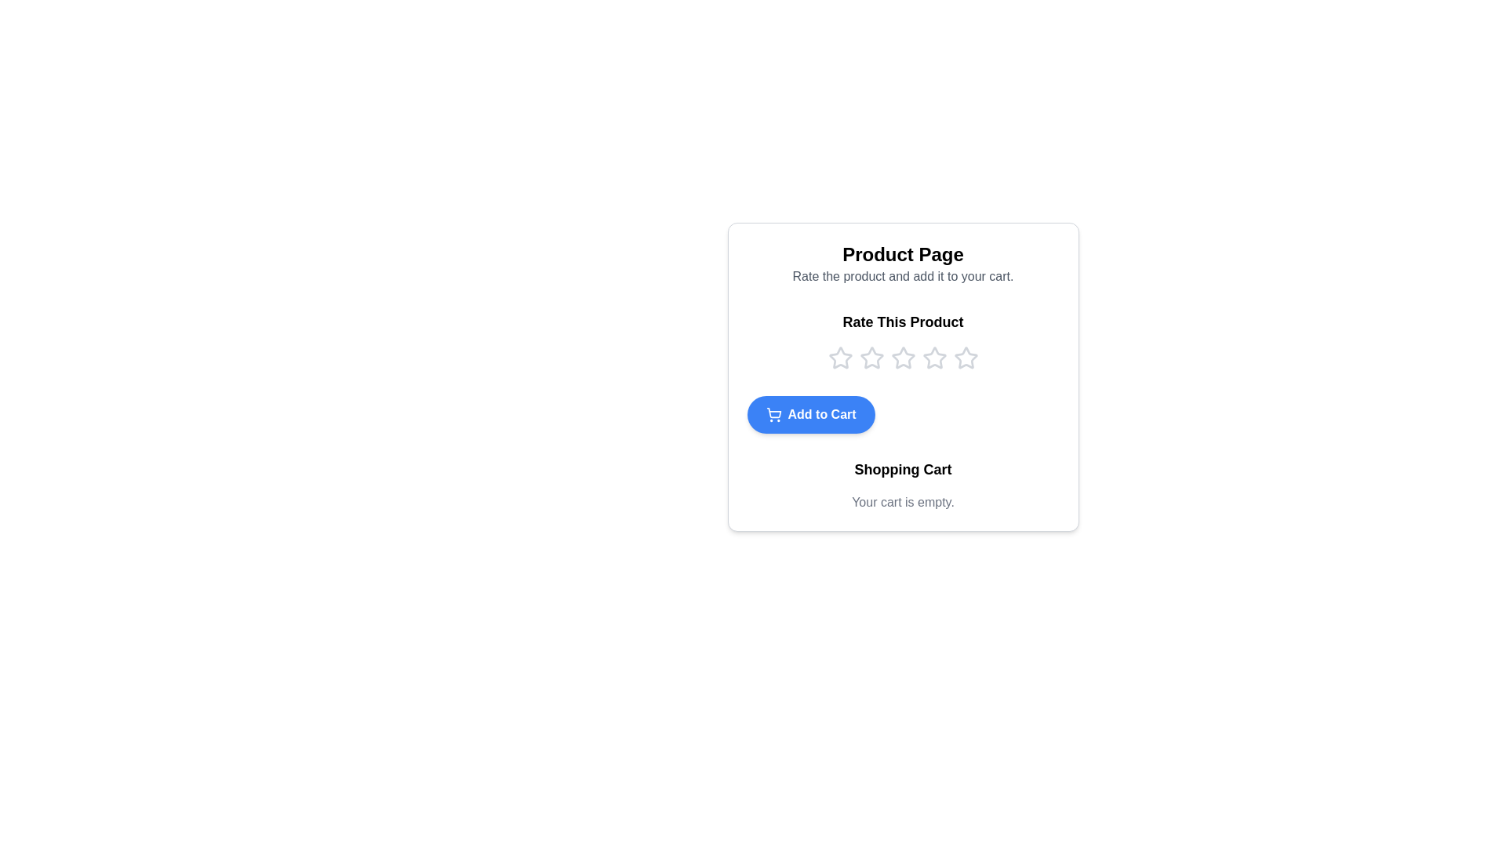 The image size is (1506, 847). I want to click on the third star in the row of star rating icons, so click(934, 358).